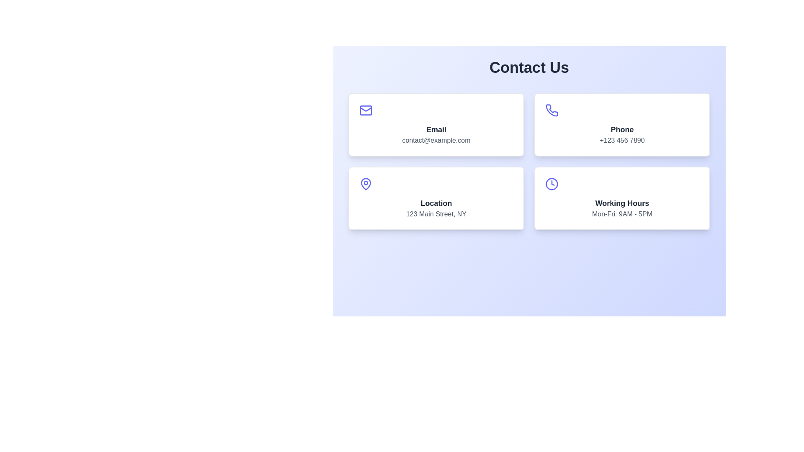 The width and height of the screenshot is (804, 452). Describe the element at coordinates (366, 183) in the screenshot. I see `the graphical presentation of the location pin icon, which is styled with a blue outline and situated within the card labeled 'Location' on the bottom-left corner of the grid layout` at that location.